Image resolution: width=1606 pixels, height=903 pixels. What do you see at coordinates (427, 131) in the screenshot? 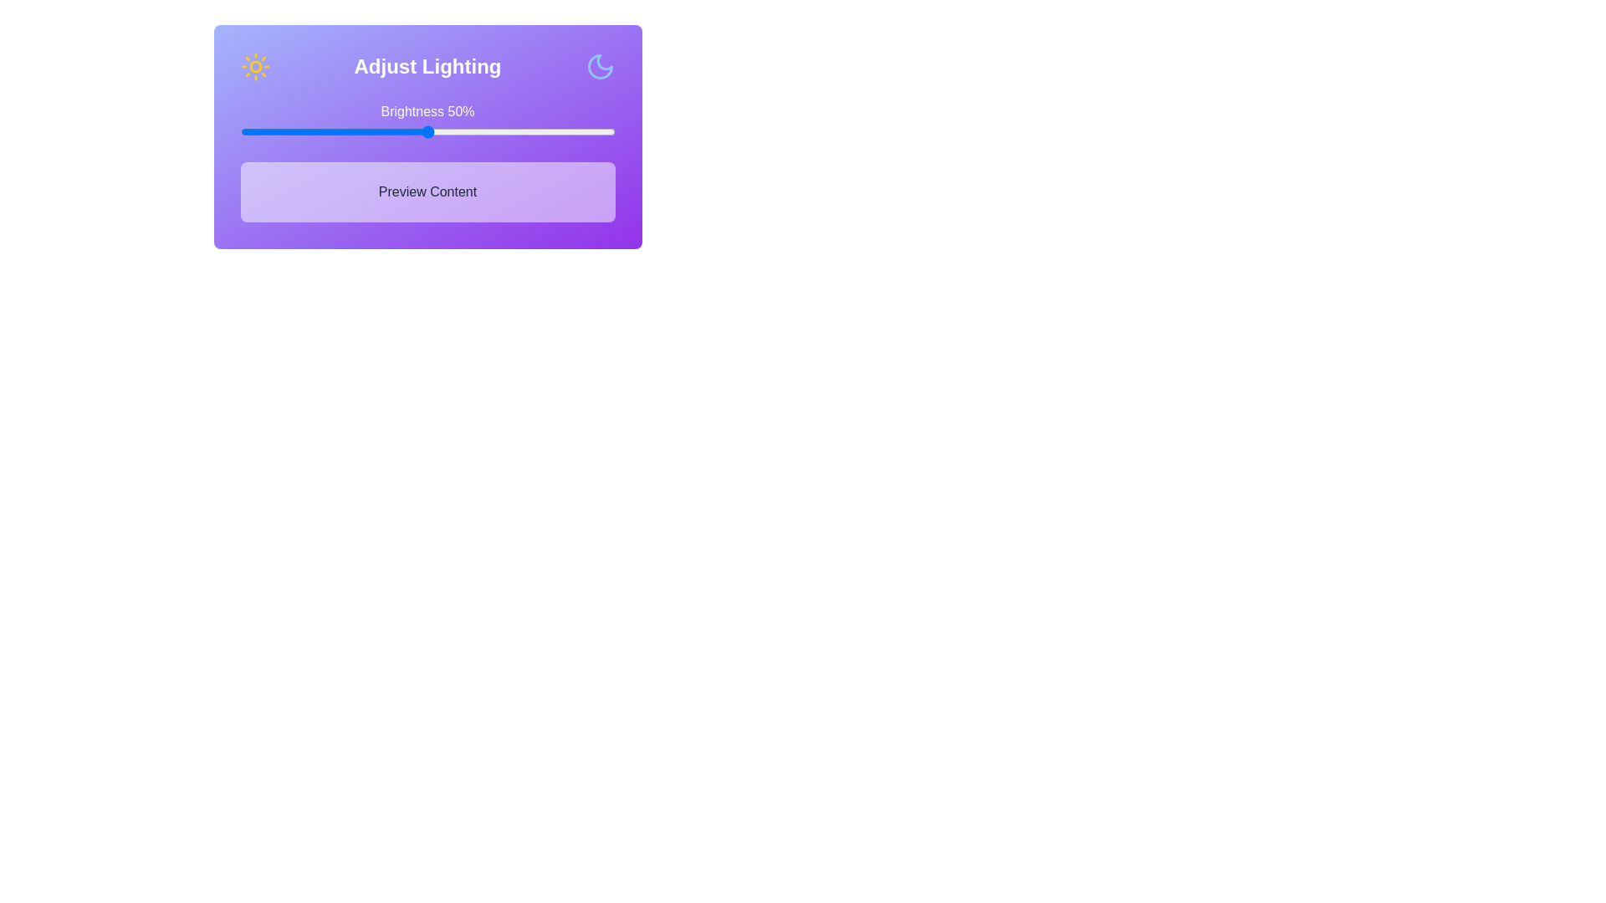
I see `the brightness slider to 50% to observe changes in the 'Preview Content' section` at bounding box center [427, 131].